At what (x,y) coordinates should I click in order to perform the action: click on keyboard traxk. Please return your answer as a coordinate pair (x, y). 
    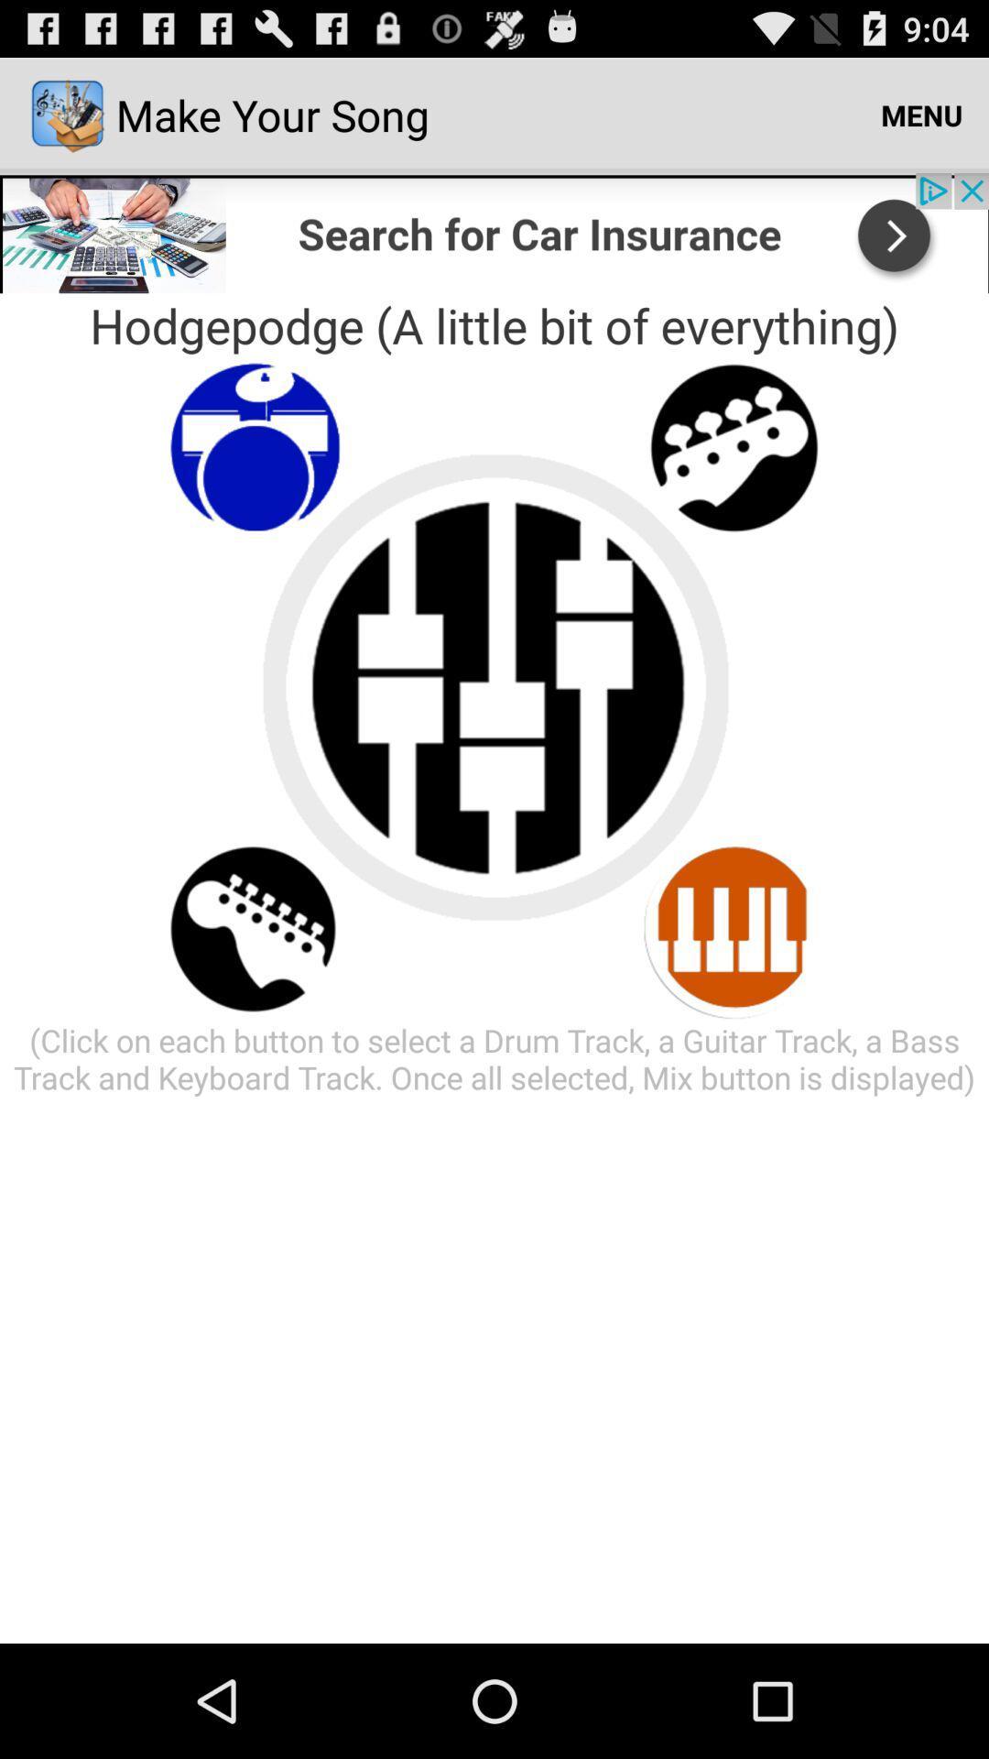
    Looking at the image, I should click on (734, 928).